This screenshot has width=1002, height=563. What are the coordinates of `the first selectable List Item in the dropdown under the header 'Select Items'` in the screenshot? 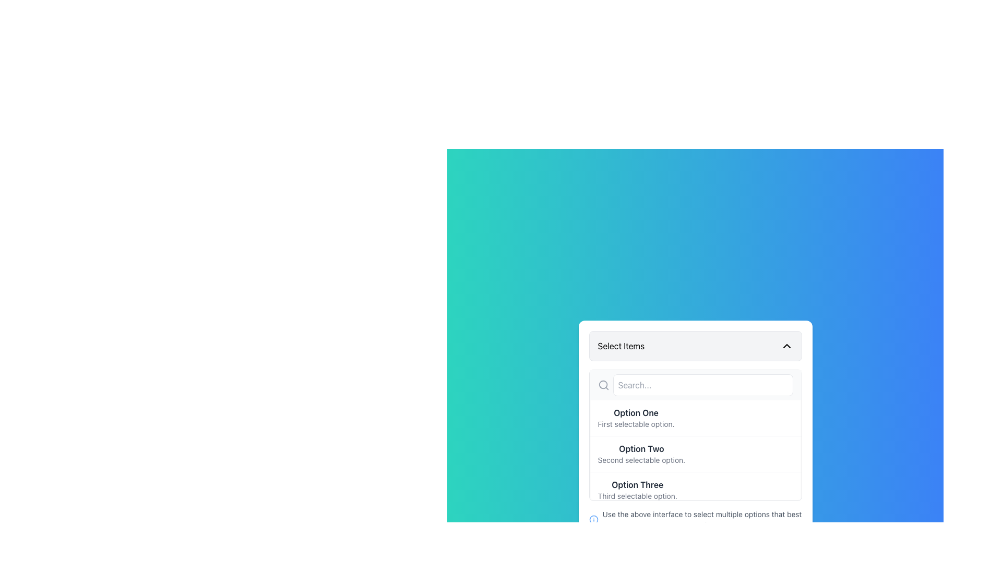 It's located at (636, 418).